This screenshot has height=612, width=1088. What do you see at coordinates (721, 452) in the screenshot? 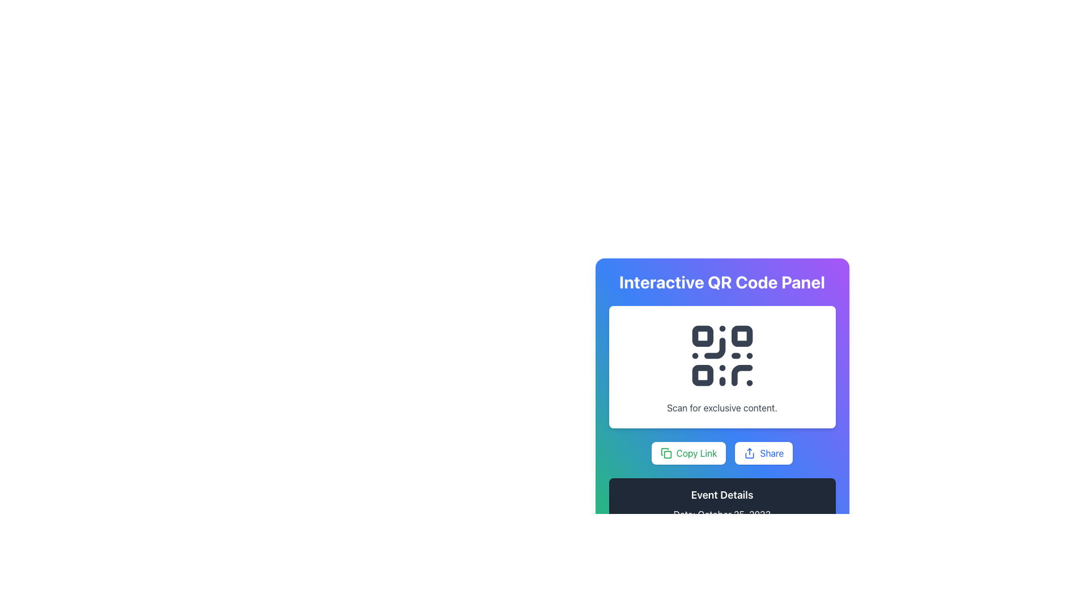
I see `the 'Copy Link' button with a green icon of overlapping squares and the text 'Copy Link'` at bounding box center [721, 452].